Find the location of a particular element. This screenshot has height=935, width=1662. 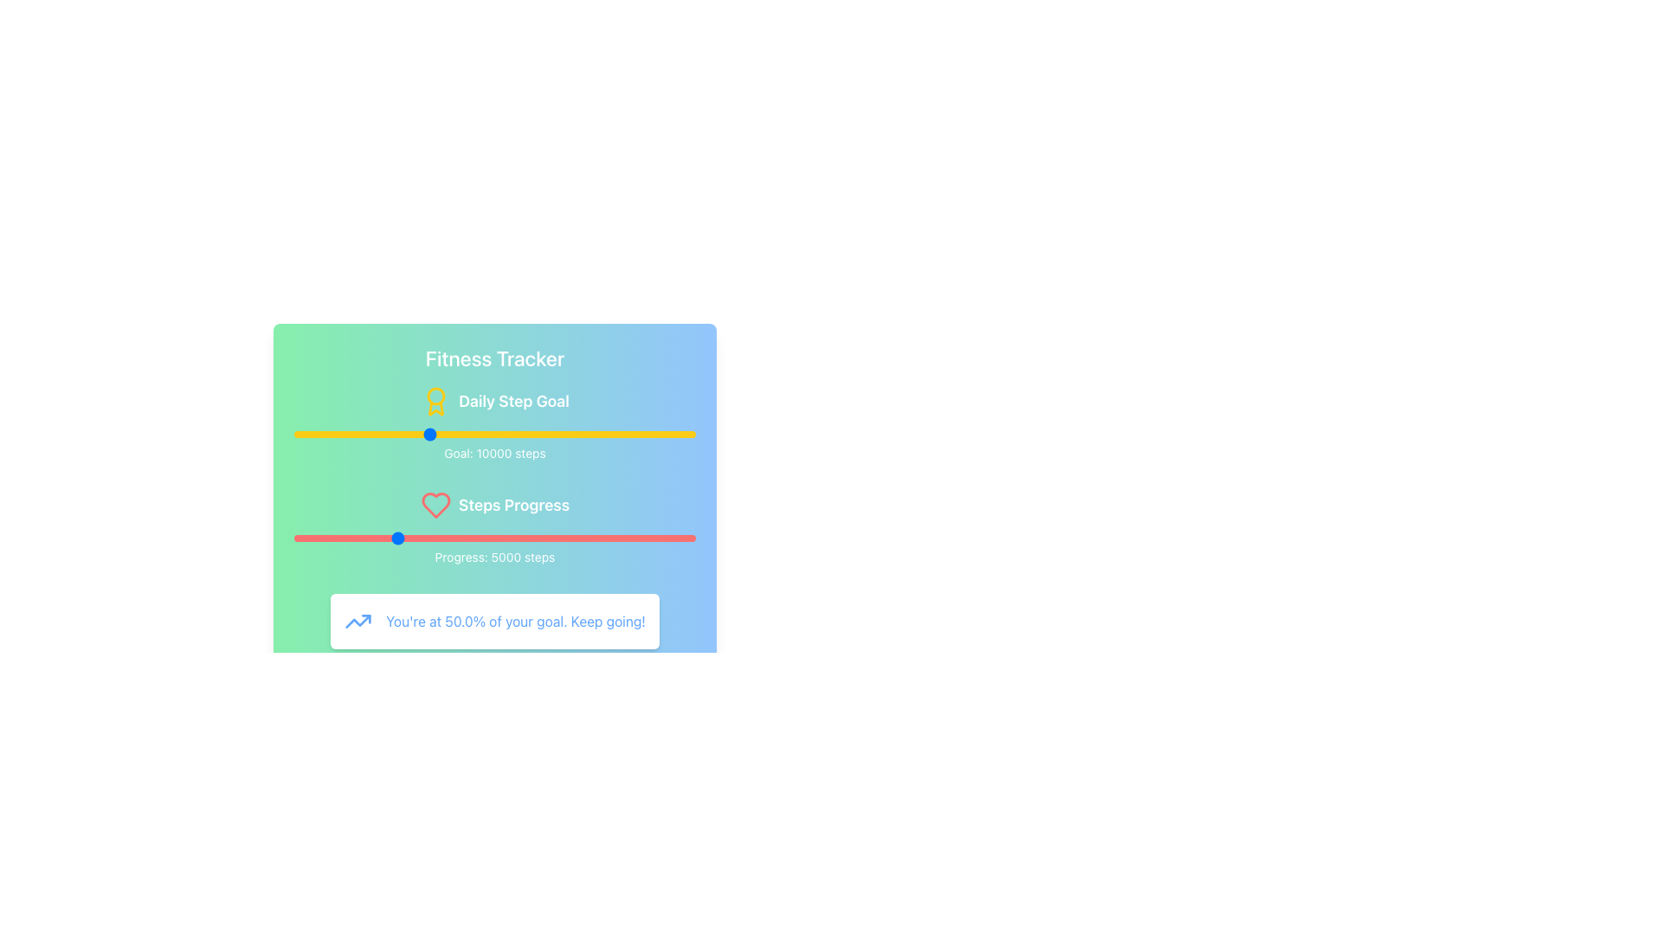

the 'Steps Progress' text label, which displays a large, bold white font on a gradient background, centrally located in the interface and positioned to the right of a red heart icon is located at coordinates (513, 505).